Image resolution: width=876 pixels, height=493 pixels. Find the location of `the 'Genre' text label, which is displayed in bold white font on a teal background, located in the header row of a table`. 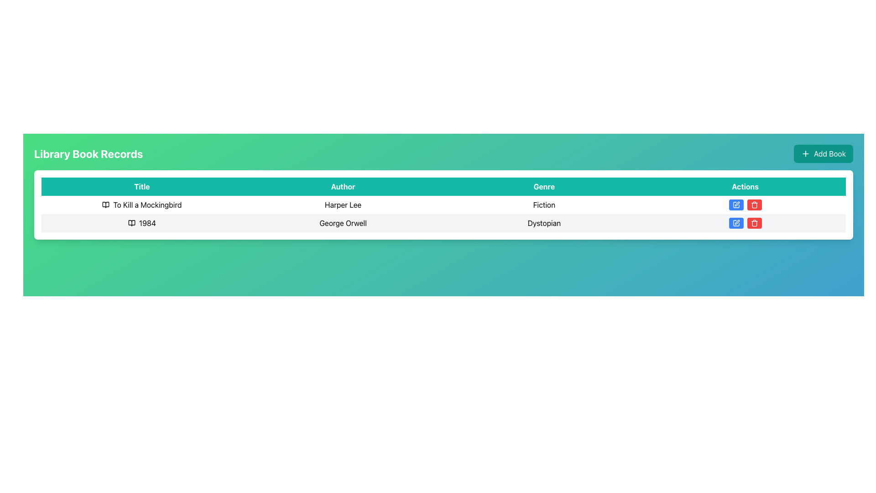

the 'Genre' text label, which is displayed in bold white font on a teal background, located in the header row of a table is located at coordinates (544, 186).